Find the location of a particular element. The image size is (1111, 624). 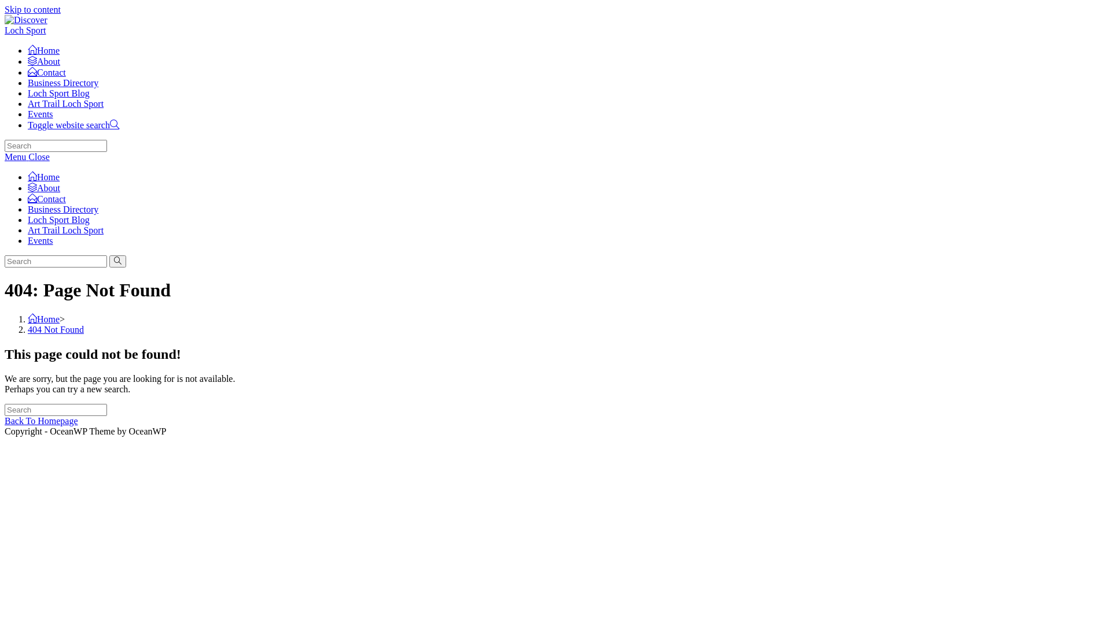

'About' is located at coordinates (44, 61).